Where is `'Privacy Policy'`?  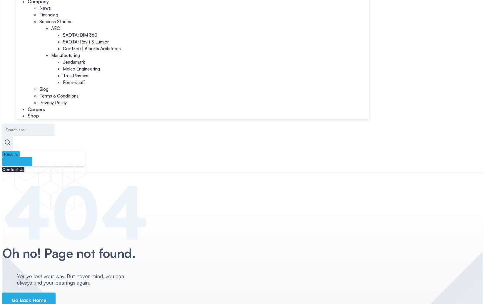
'Privacy Policy' is located at coordinates (53, 103).